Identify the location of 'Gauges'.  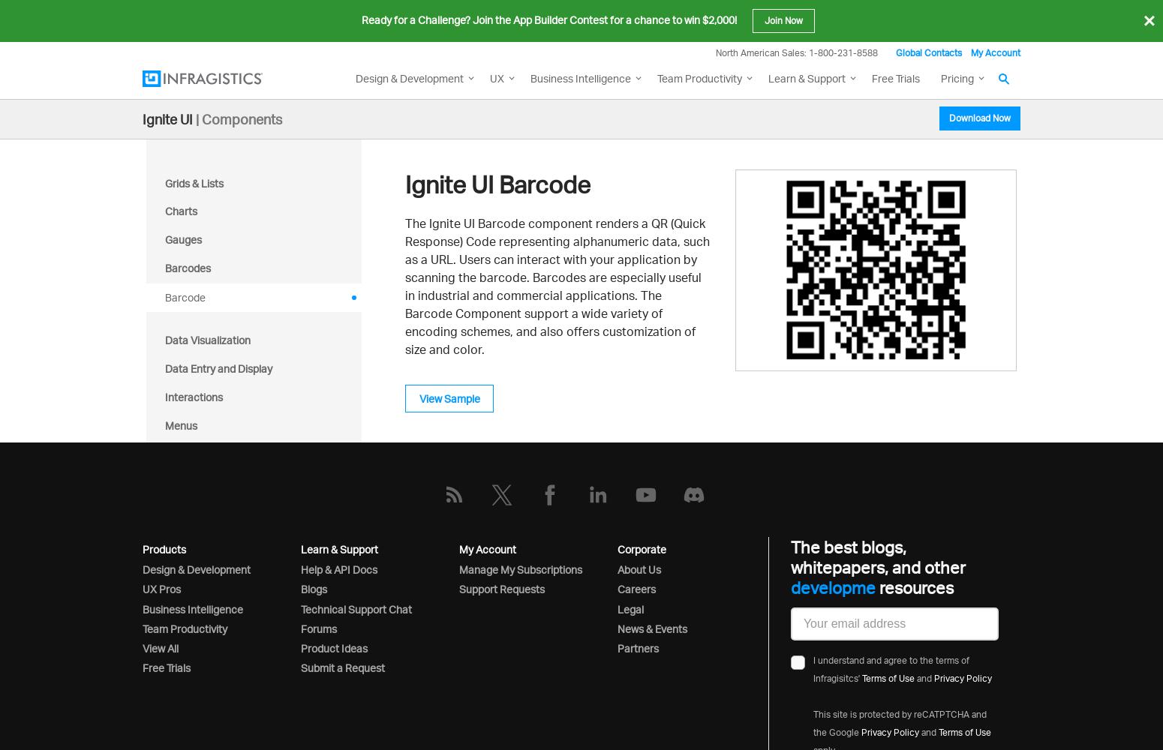
(183, 238).